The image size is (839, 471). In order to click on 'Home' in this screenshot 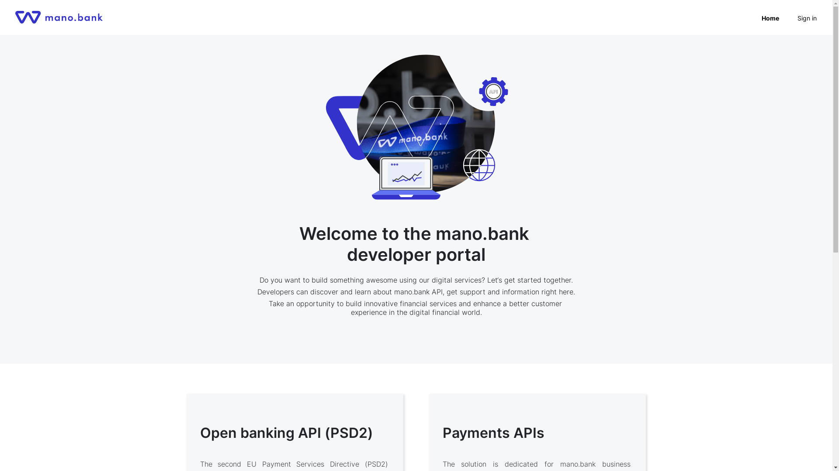, I will do `click(770, 18)`.